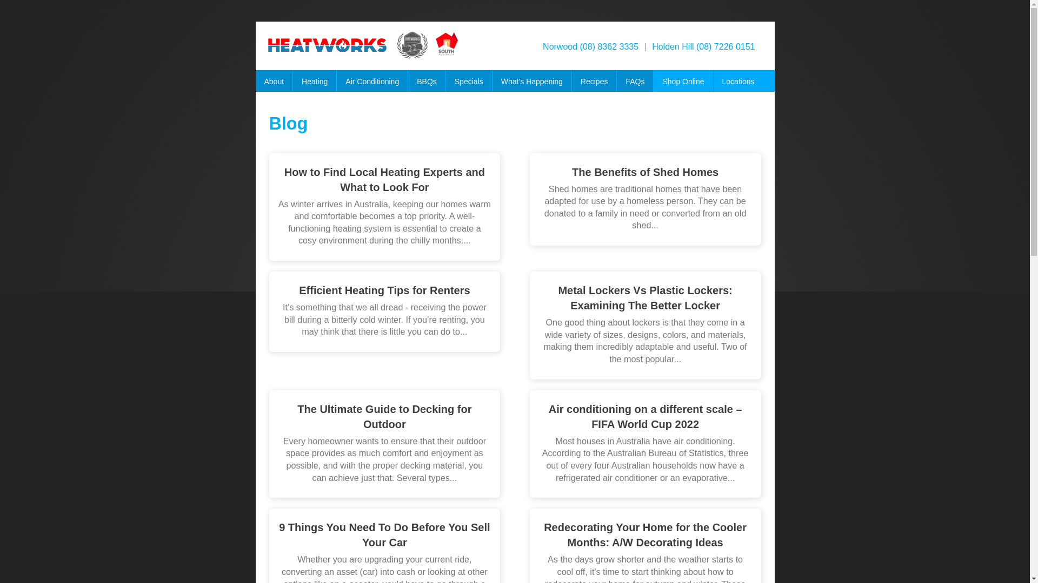  Describe the element at coordinates (635, 83) in the screenshot. I see `'FAQs'` at that location.